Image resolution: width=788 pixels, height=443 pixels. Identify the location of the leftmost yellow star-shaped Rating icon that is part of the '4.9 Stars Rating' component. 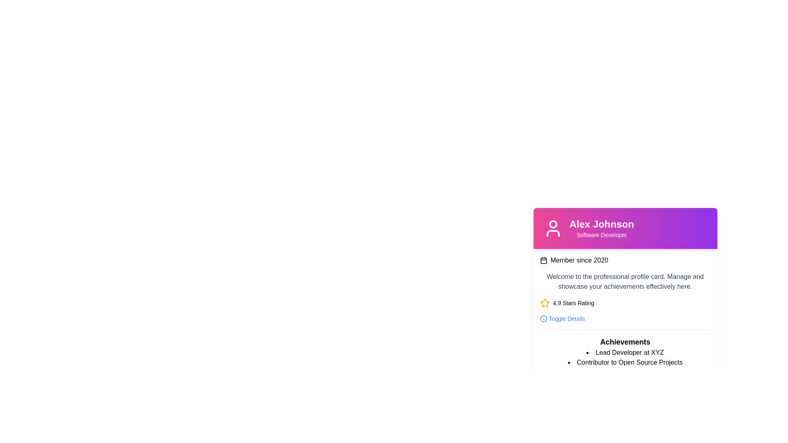
(545, 303).